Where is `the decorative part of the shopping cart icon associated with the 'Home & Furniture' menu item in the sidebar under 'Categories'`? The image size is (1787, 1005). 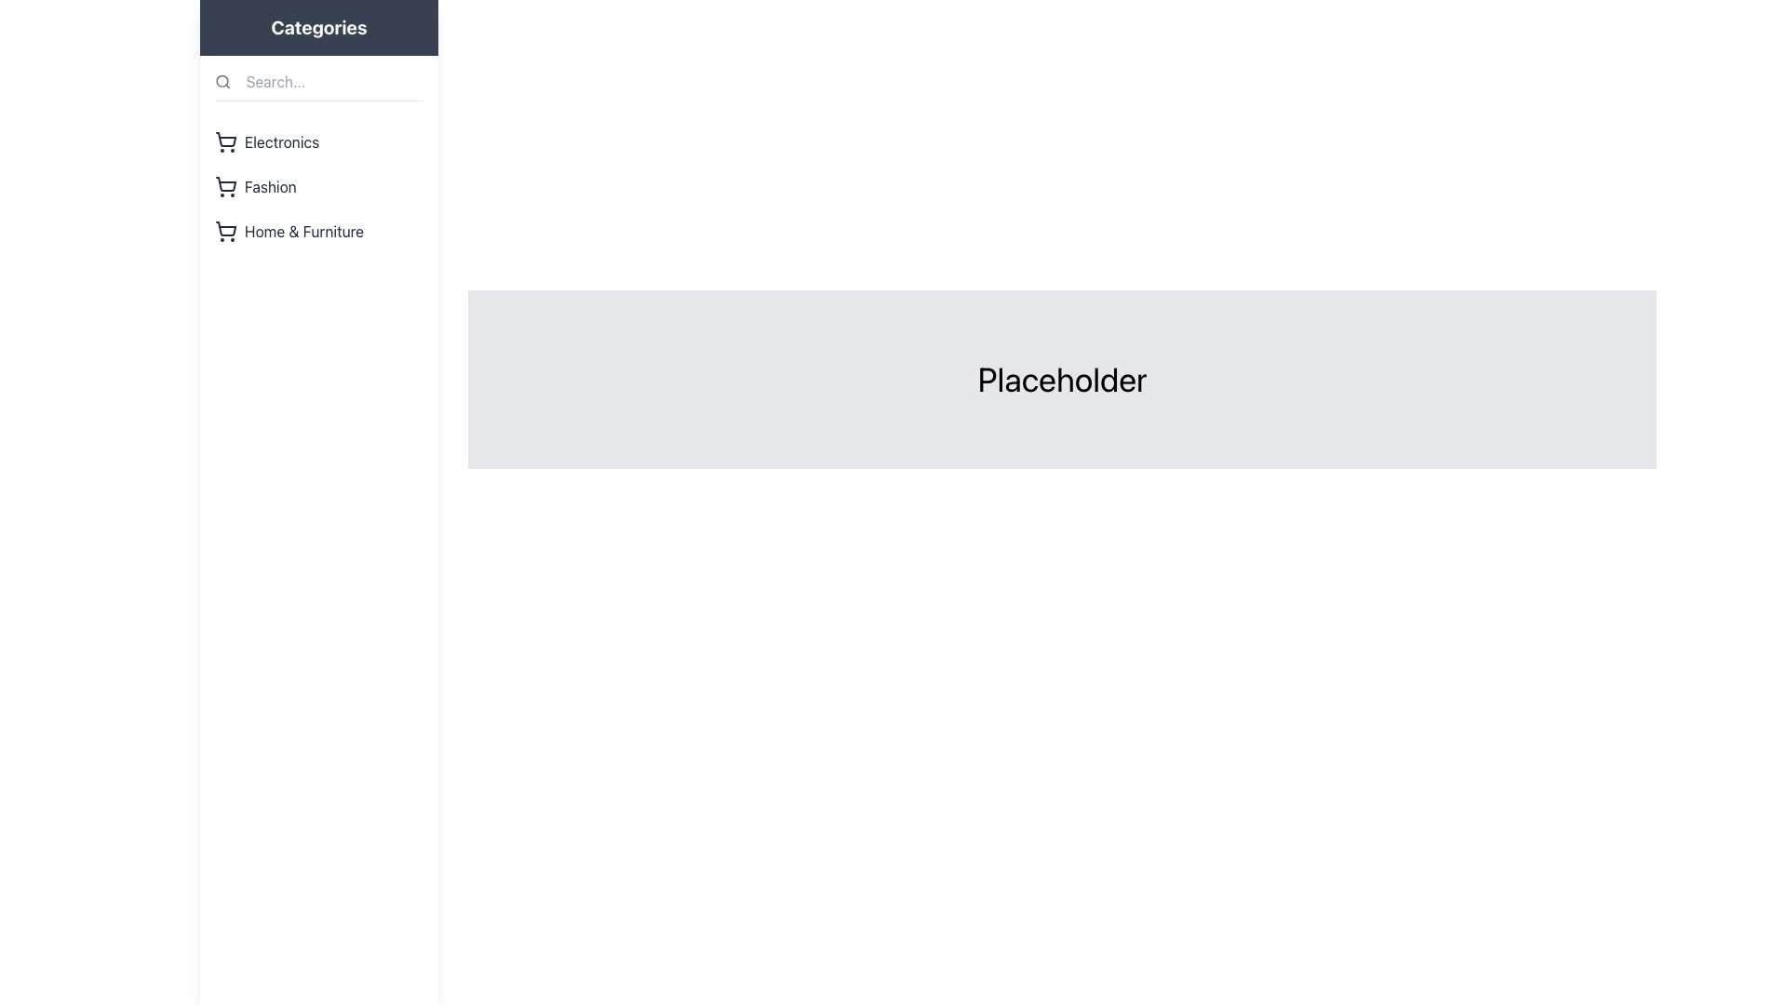 the decorative part of the shopping cart icon associated with the 'Home & Furniture' menu item in the sidebar under 'Categories' is located at coordinates (225, 228).